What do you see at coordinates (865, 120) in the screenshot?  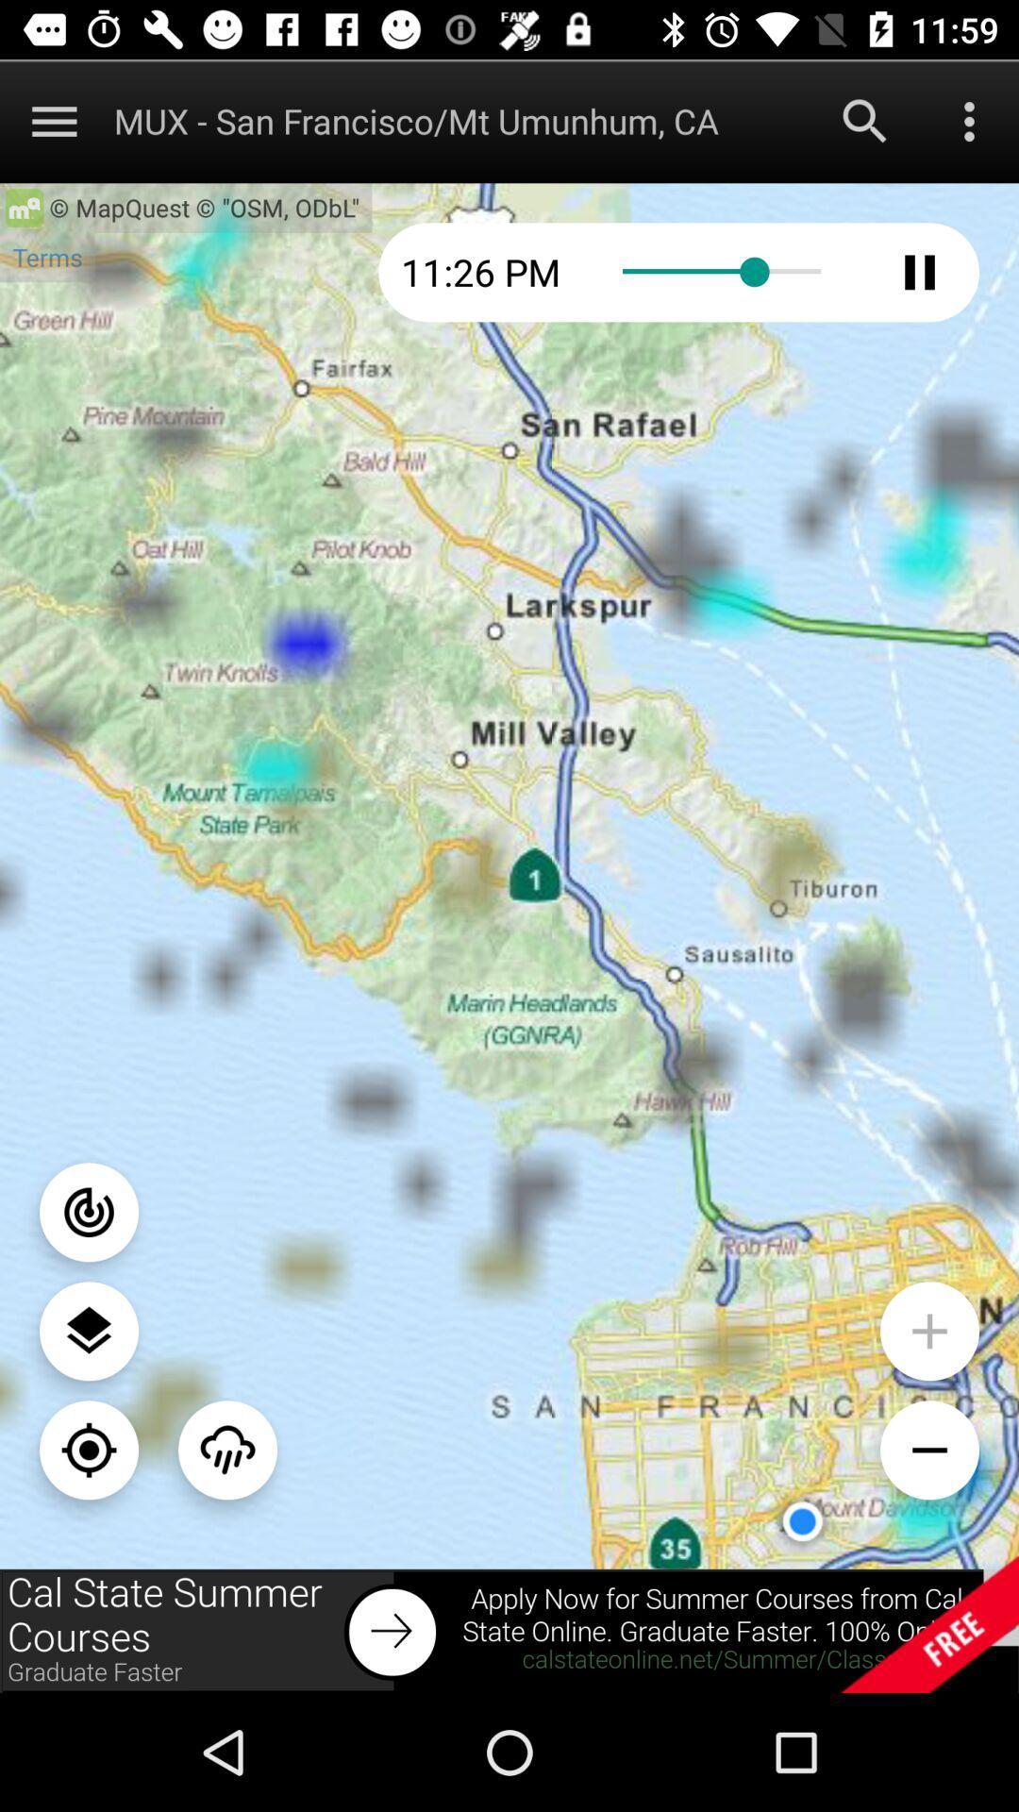 I see `the search icon` at bounding box center [865, 120].